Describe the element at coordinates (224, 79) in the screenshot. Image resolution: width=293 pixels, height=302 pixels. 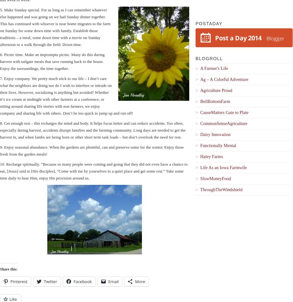
I see `'Ag – A Colorful Adventure'` at that location.